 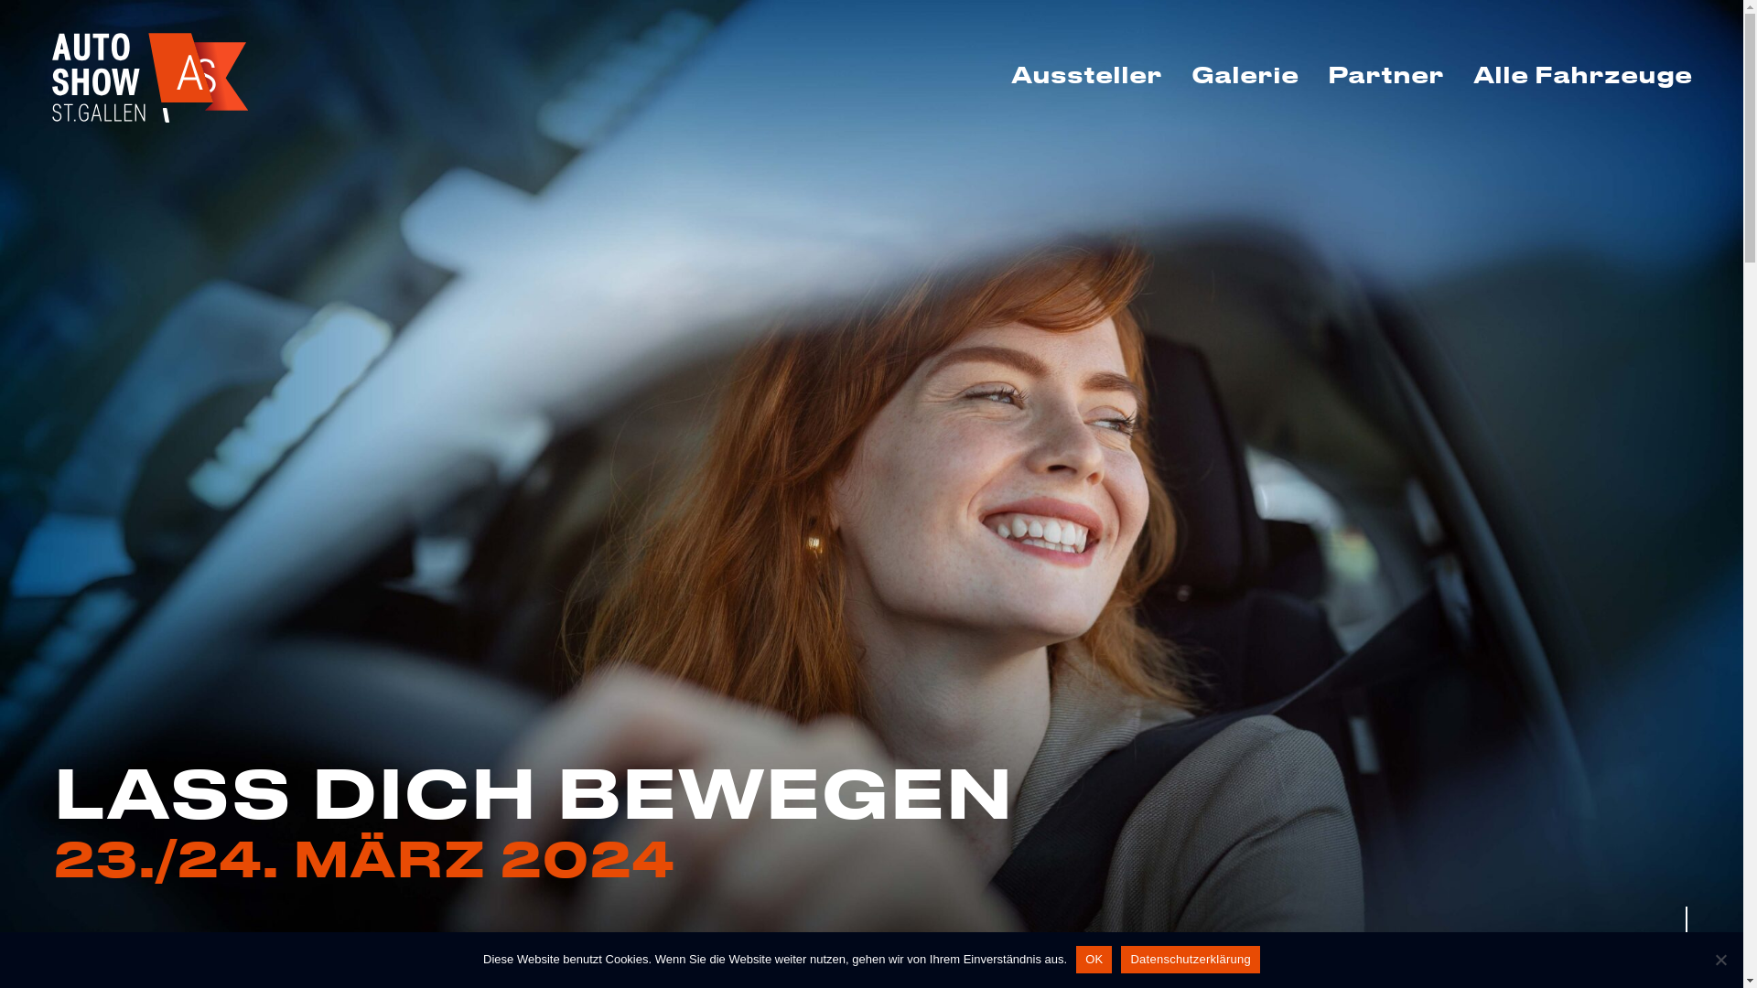 What do you see at coordinates (1178, 72) in the screenshot?
I see `'Galerie'` at bounding box center [1178, 72].